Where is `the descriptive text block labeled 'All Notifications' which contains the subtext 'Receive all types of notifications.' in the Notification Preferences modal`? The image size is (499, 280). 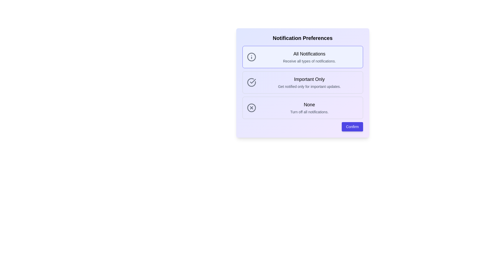 the descriptive text block labeled 'All Notifications' which contains the subtext 'Receive all types of notifications.' in the Notification Preferences modal is located at coordinates (309, 57).